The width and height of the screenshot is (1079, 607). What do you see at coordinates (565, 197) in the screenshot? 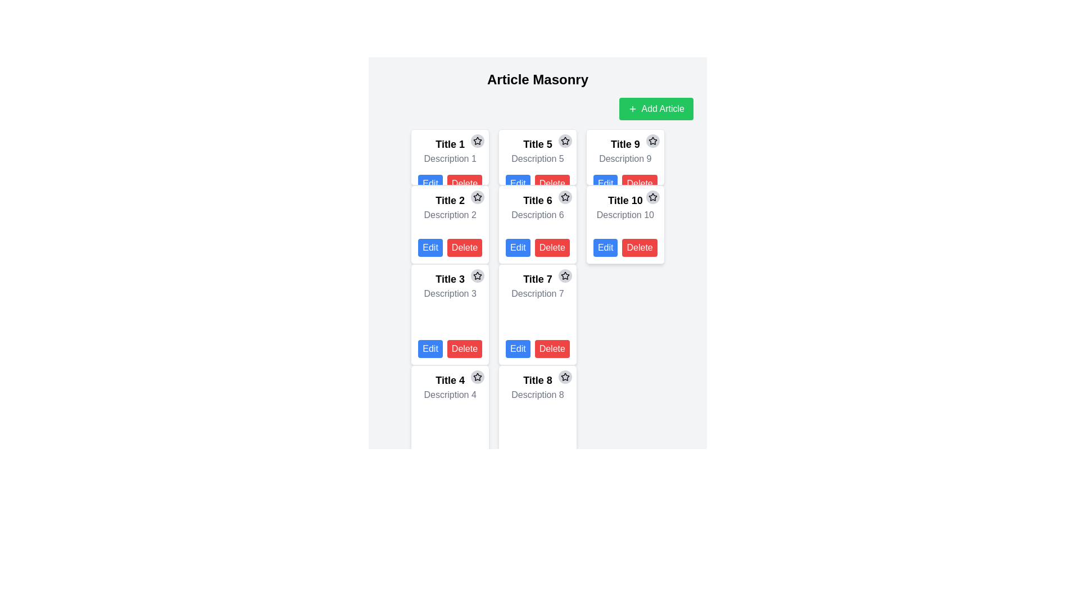
I see `the star-shaped icon in the top-right corner of the card labeled 'Title 6' to interact with it` at bounding box center [565, 197].